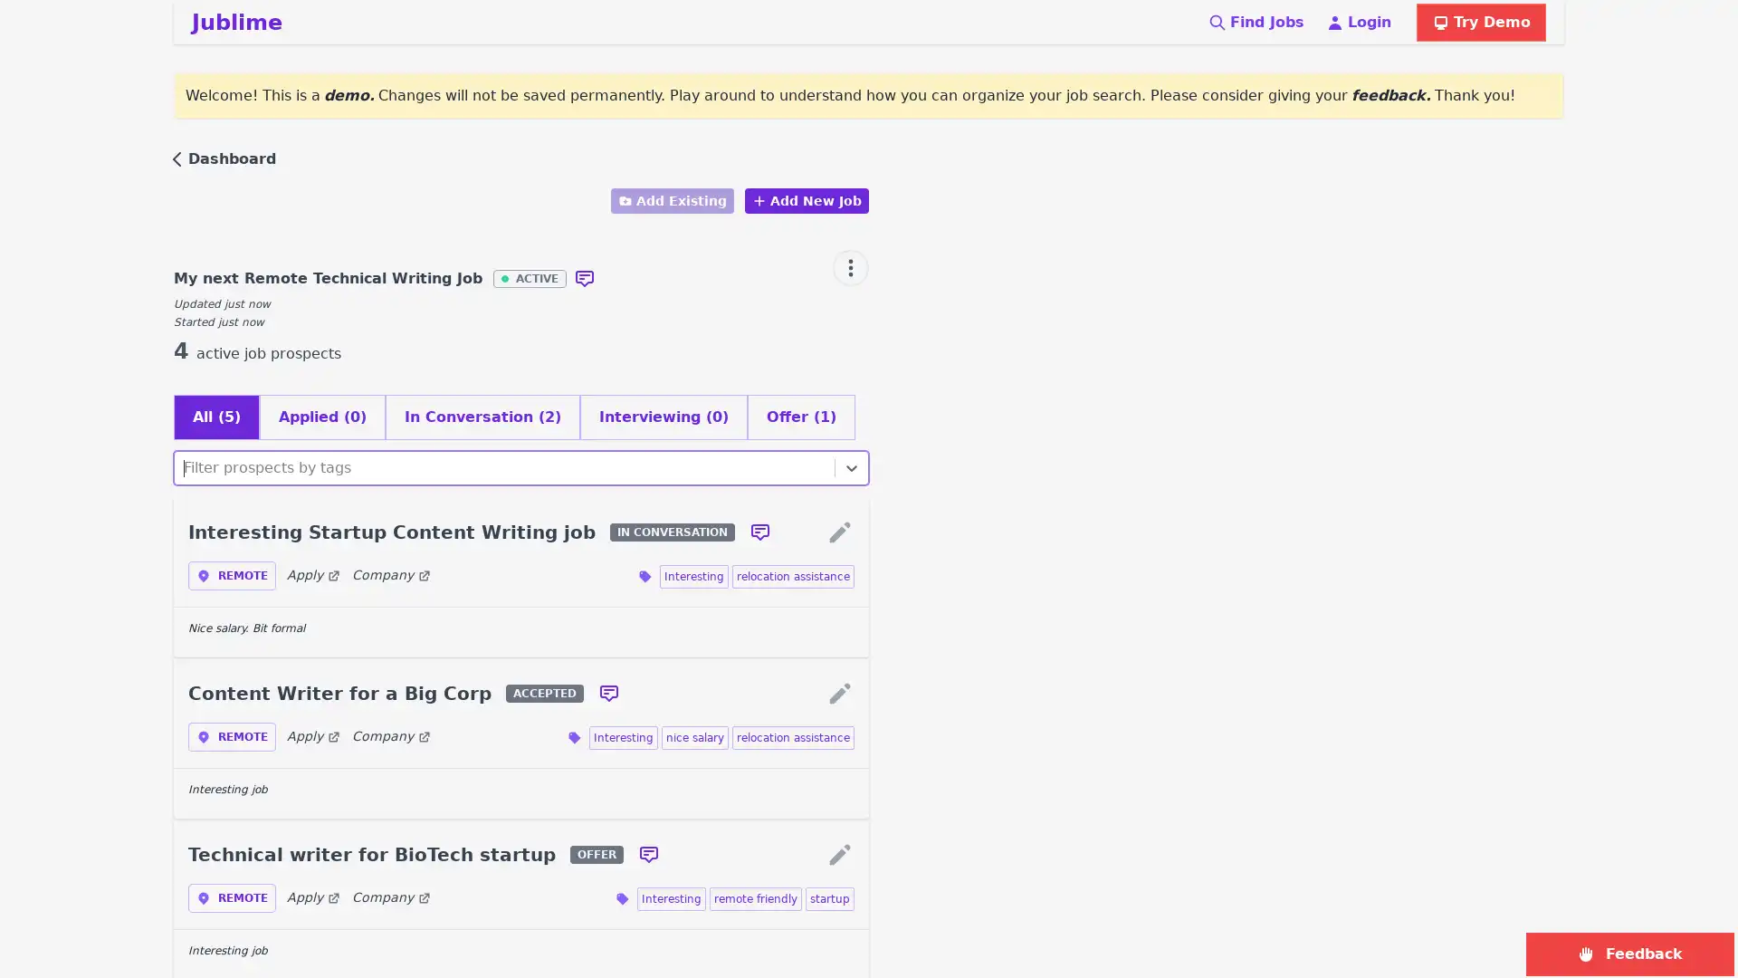 Image resolution: width=1738 pixels, height=978 pixels. I want to click on Login, so click(1359, 22).